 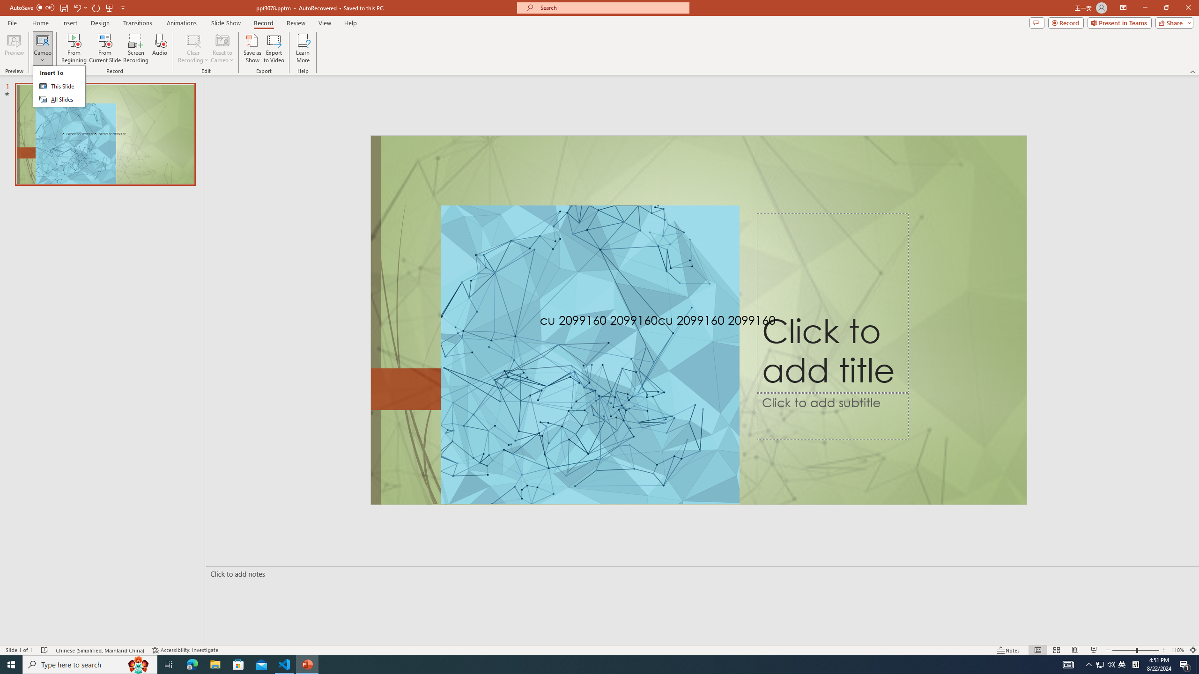 What do you see at coordinates (193, 48) in the screenshot?
I see `'Clear Recording'` at bounding box center [193, 48].